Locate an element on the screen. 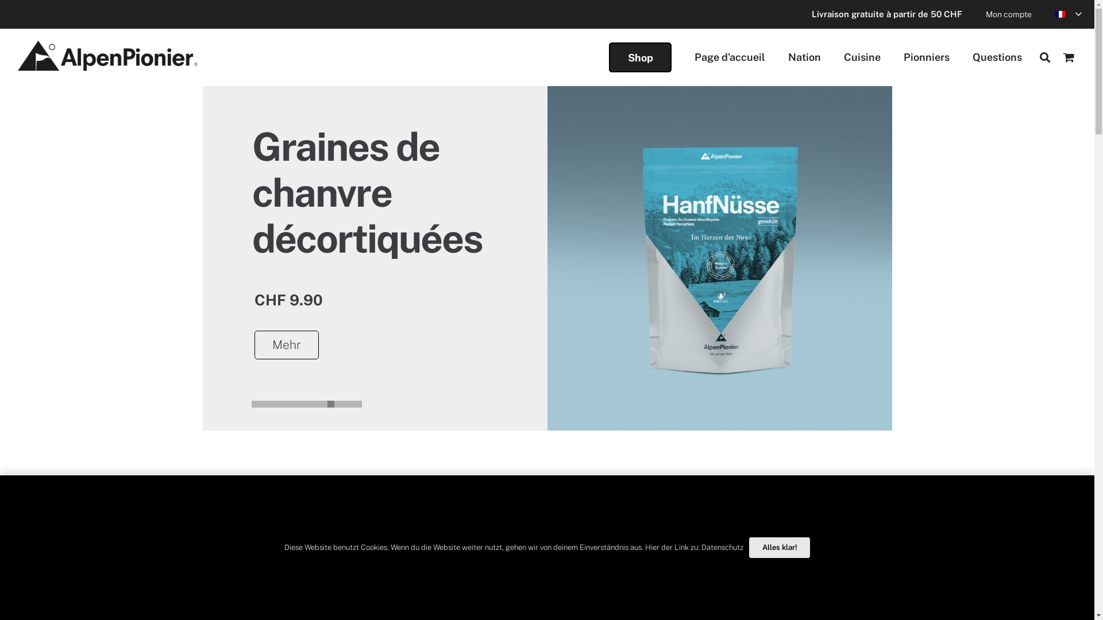  'Mehr' is located at coordinates (253, 344).